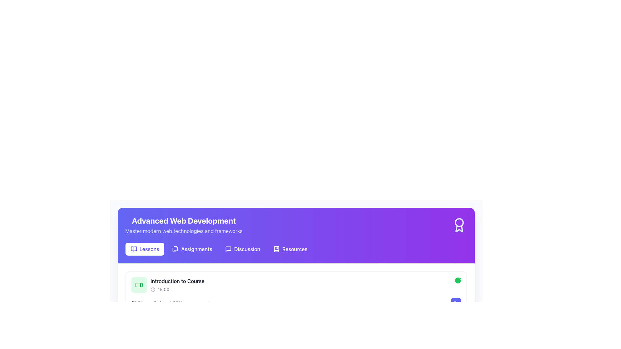  I want to click on the badge icon located at the top-right corner of the purple header bar by clicking on the circular component within the SVG element to see its functionality, so click(459, 222).